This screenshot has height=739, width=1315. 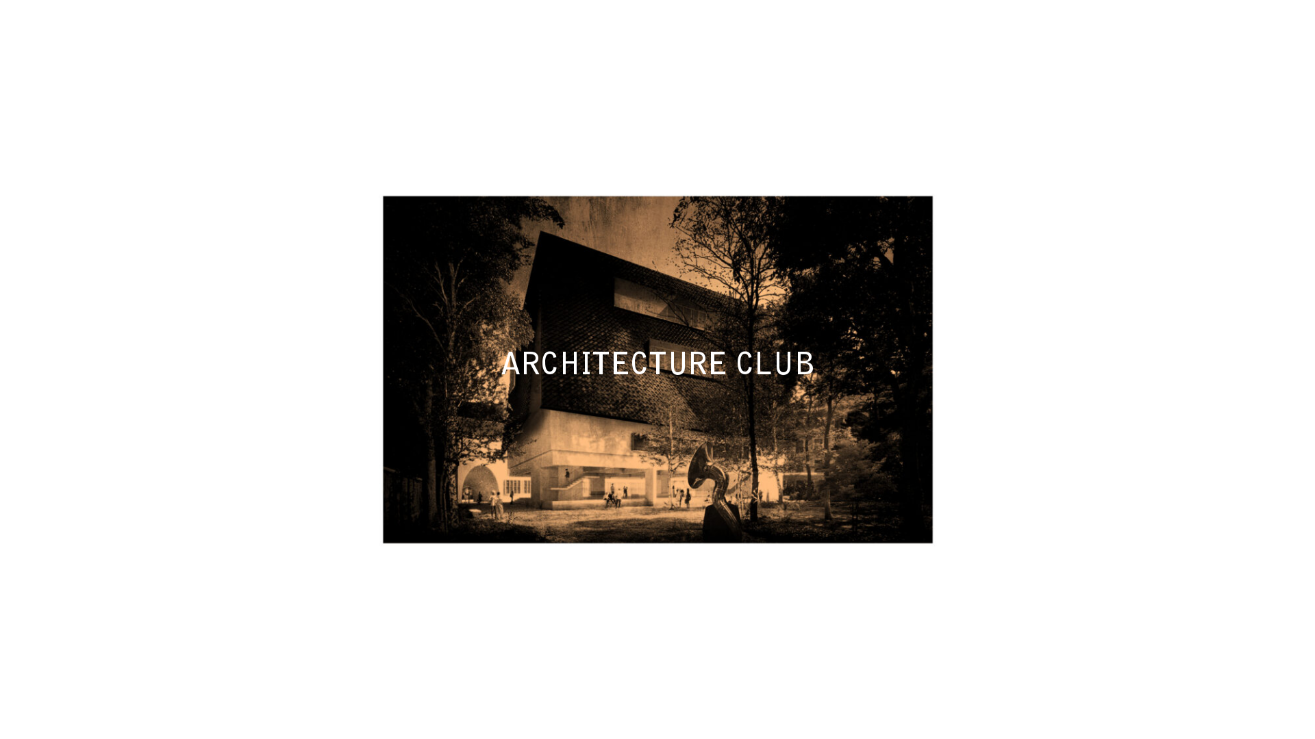 I want to click on 'ARCHITECTURE CLUB', so click(x=656, y=366).